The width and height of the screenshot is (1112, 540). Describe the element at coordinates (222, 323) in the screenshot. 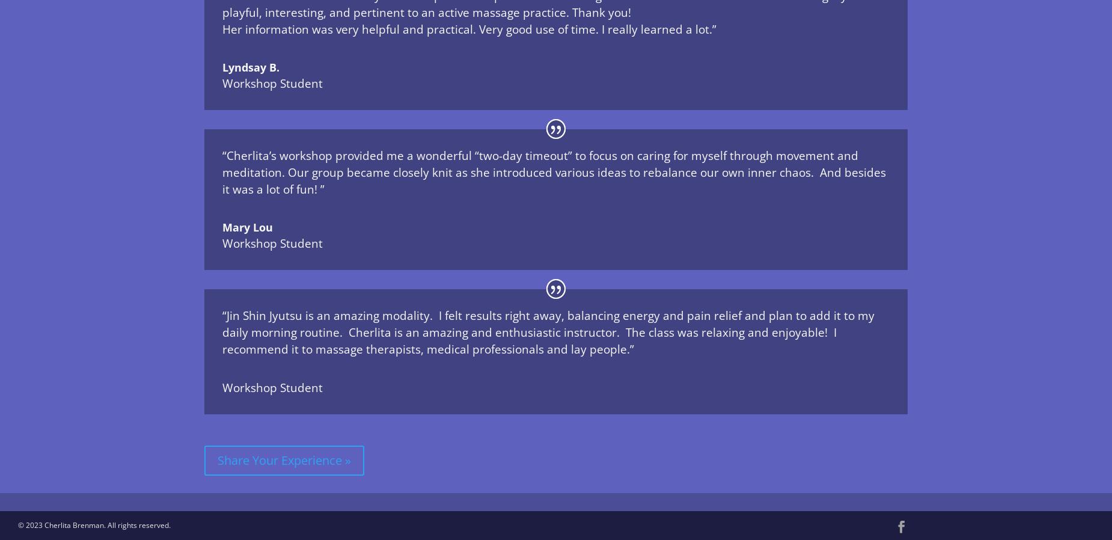

I see `'is an amazing modality.  I felt results right away, balancing energy and pain relief and plan to add it to my daily morning routine.'` at that location.